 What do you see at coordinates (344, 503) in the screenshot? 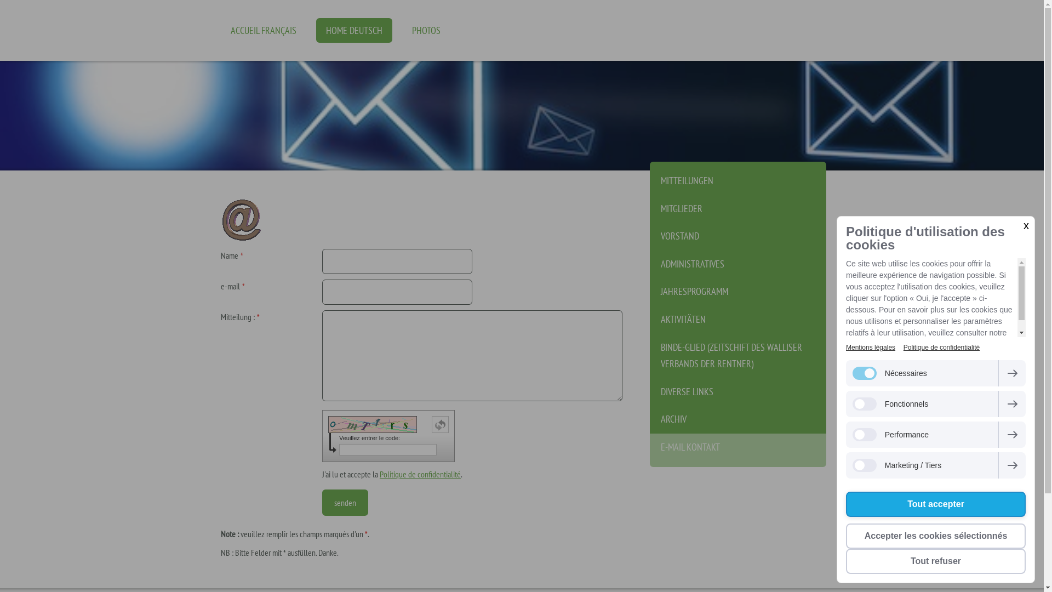
I see `'senden'` at bounding box center [344, 503].